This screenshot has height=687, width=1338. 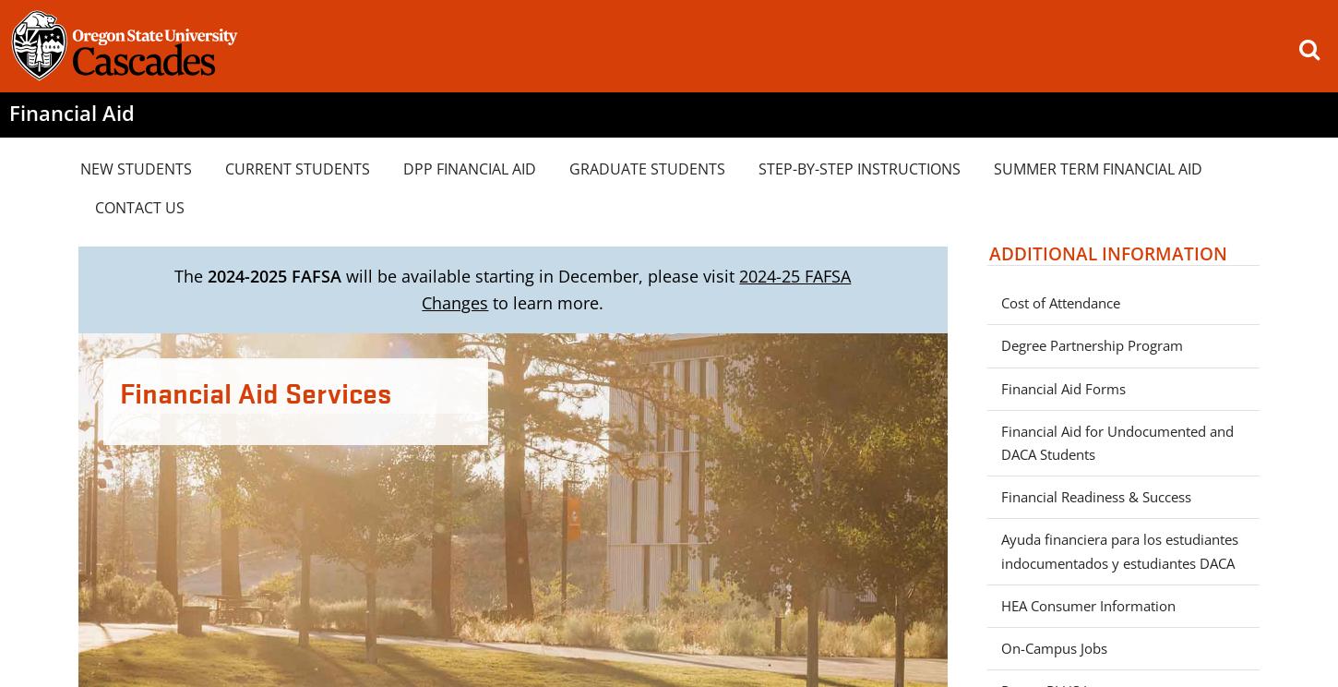 What do you see at coordinates (487, 301) in the screenshot?
I see `'to learn more.'` at bounding box center [487, 301].